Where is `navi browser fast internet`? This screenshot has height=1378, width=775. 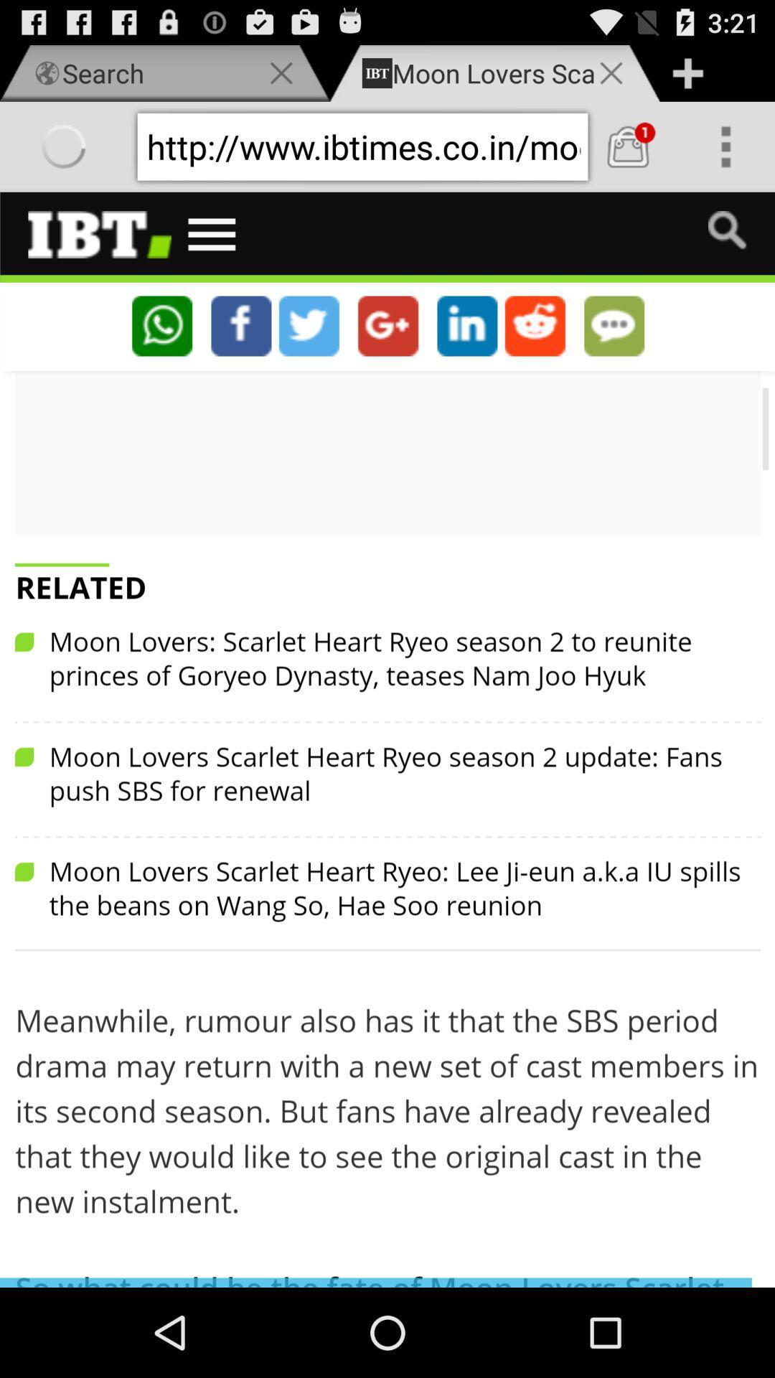
navi browser fast internet is located at coordinates (627, 146).